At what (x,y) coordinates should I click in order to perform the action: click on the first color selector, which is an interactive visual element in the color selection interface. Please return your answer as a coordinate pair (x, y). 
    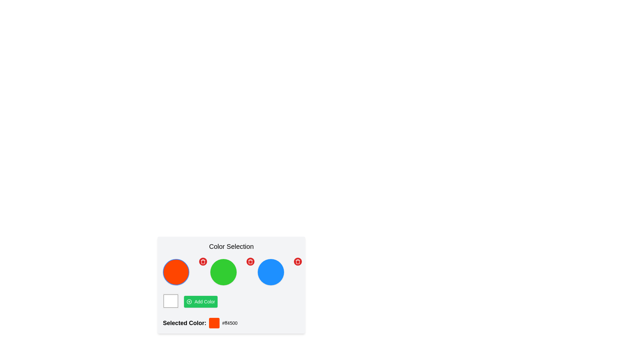
    Looking at the image, I should click on (184, 272).